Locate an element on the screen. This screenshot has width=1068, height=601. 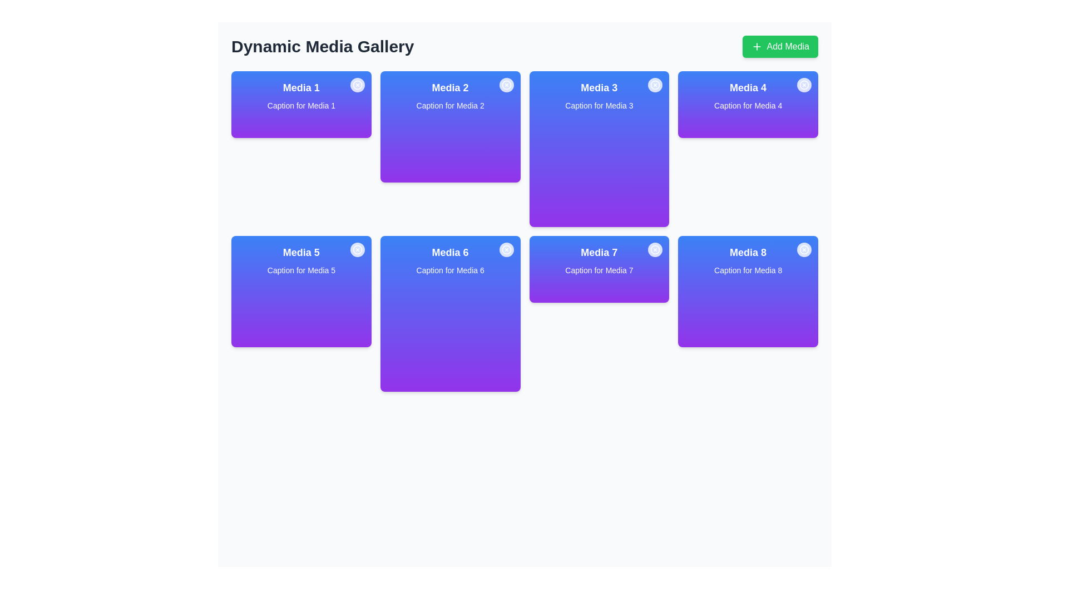
the icon in the top-right corner of the 'Media 7' card to engage its function is located at coordinates (655, 249).